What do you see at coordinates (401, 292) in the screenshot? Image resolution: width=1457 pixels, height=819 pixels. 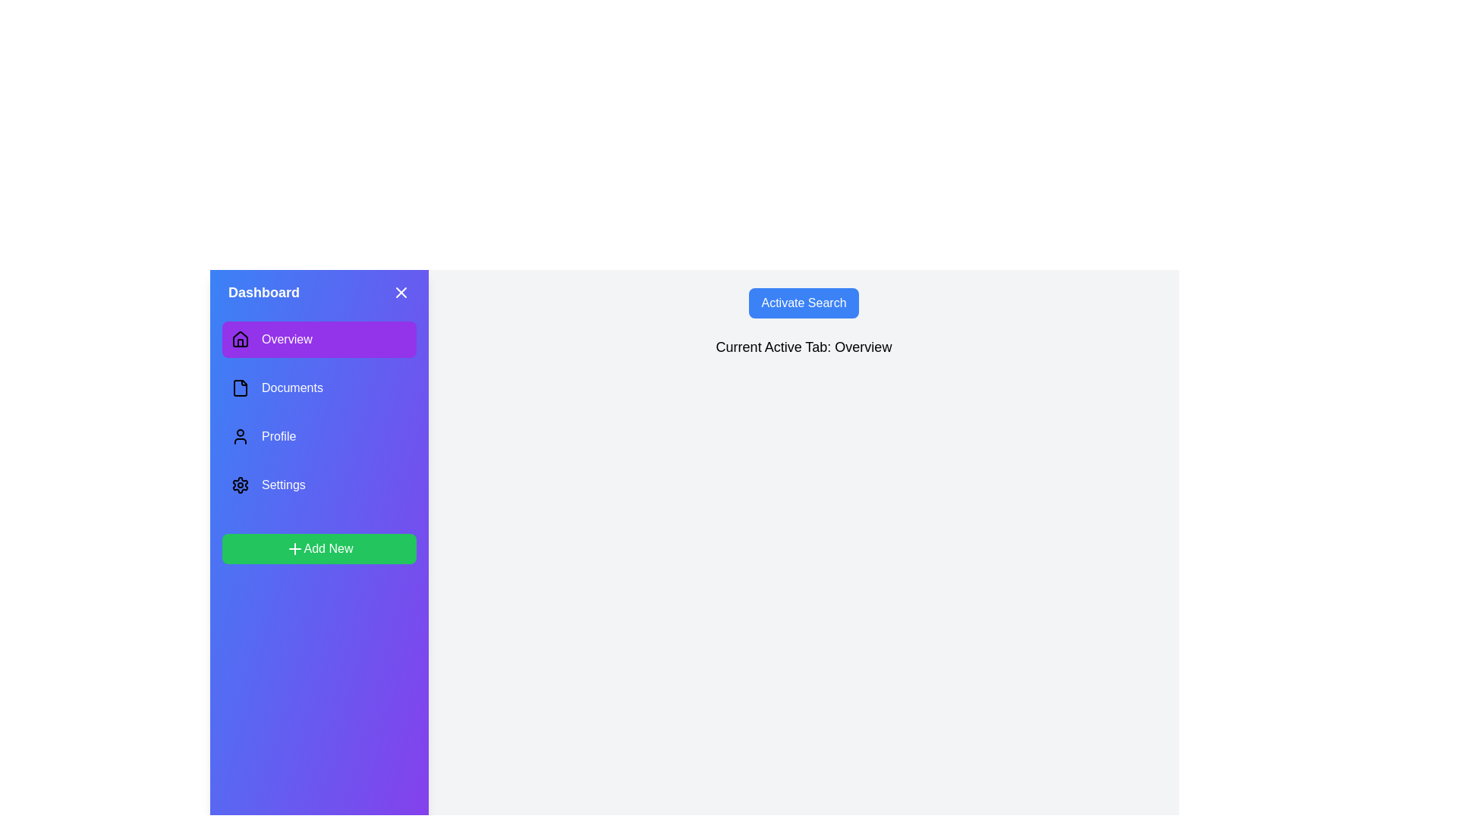 I see `the button with a white 'X' icon on a purple background located at the top-right corner of the 'Dashboard' sidebar` at bounding box center [401, 292].